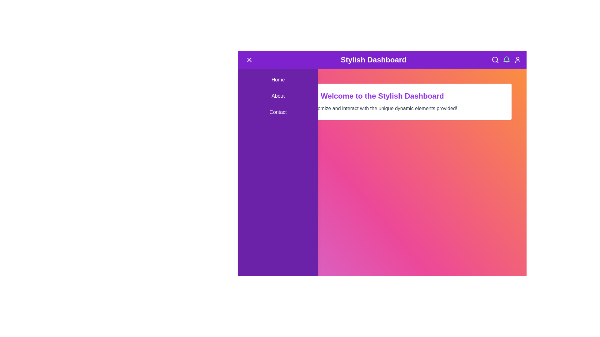 The height and width of the screenshot is (337, 600). What do you see at coordinates (495, 60) in the screenshot?
I see `the search icon to toggle the search focus` at bounding box center [495, 60].